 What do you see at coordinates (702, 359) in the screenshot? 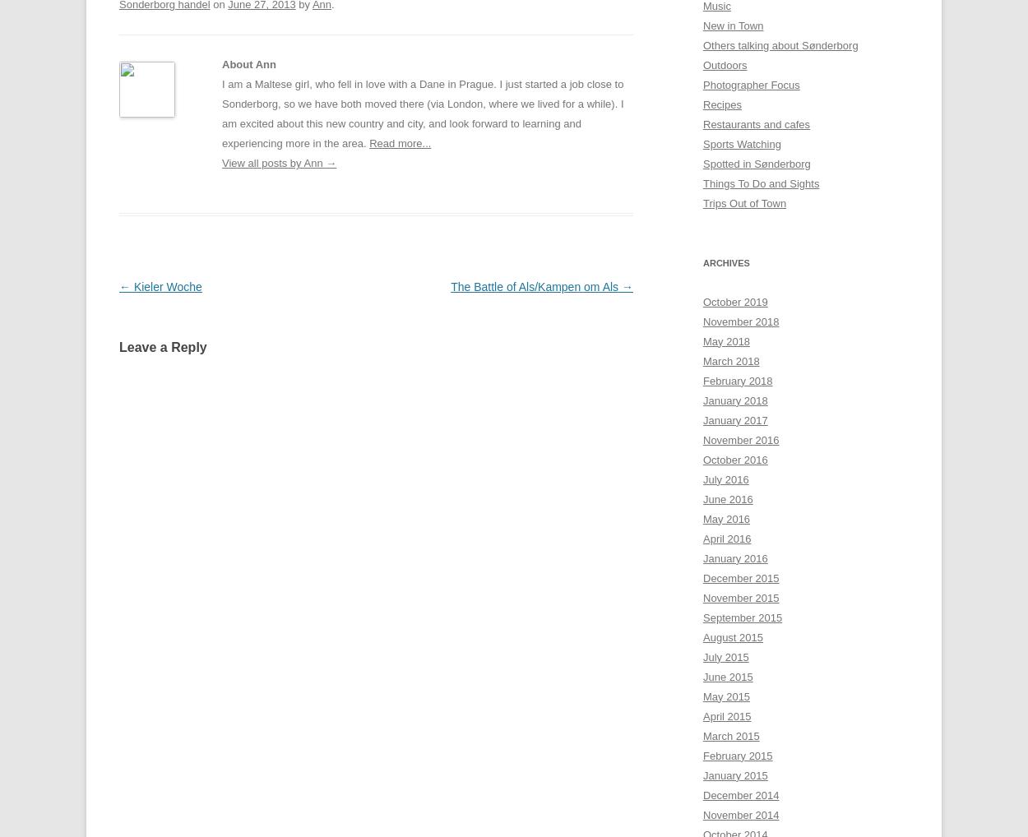
I see `'March 2018'` at bounding box center [702, 359].